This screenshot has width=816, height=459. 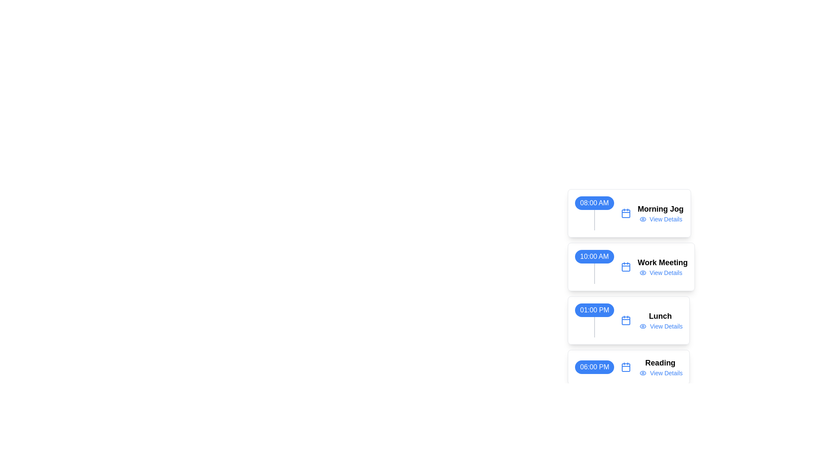 What do you see at coordinates (660, 367) in the screenshot?
I see `the Composite UI element containing the bold 'Reading' text and the blue hyperlink 'View Details'` at bounding box center [660, 367].